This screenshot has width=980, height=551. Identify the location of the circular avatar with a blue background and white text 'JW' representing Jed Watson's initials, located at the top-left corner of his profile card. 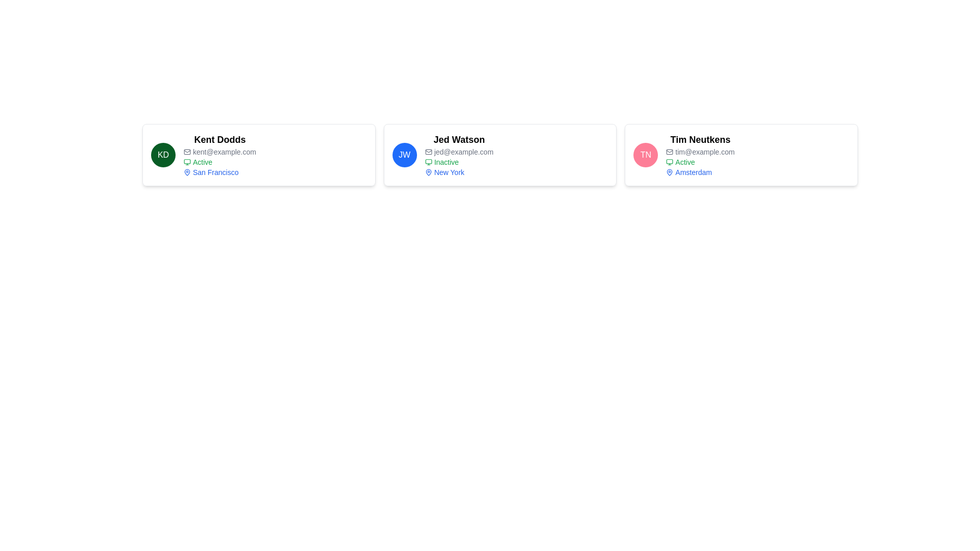
(404, 155).